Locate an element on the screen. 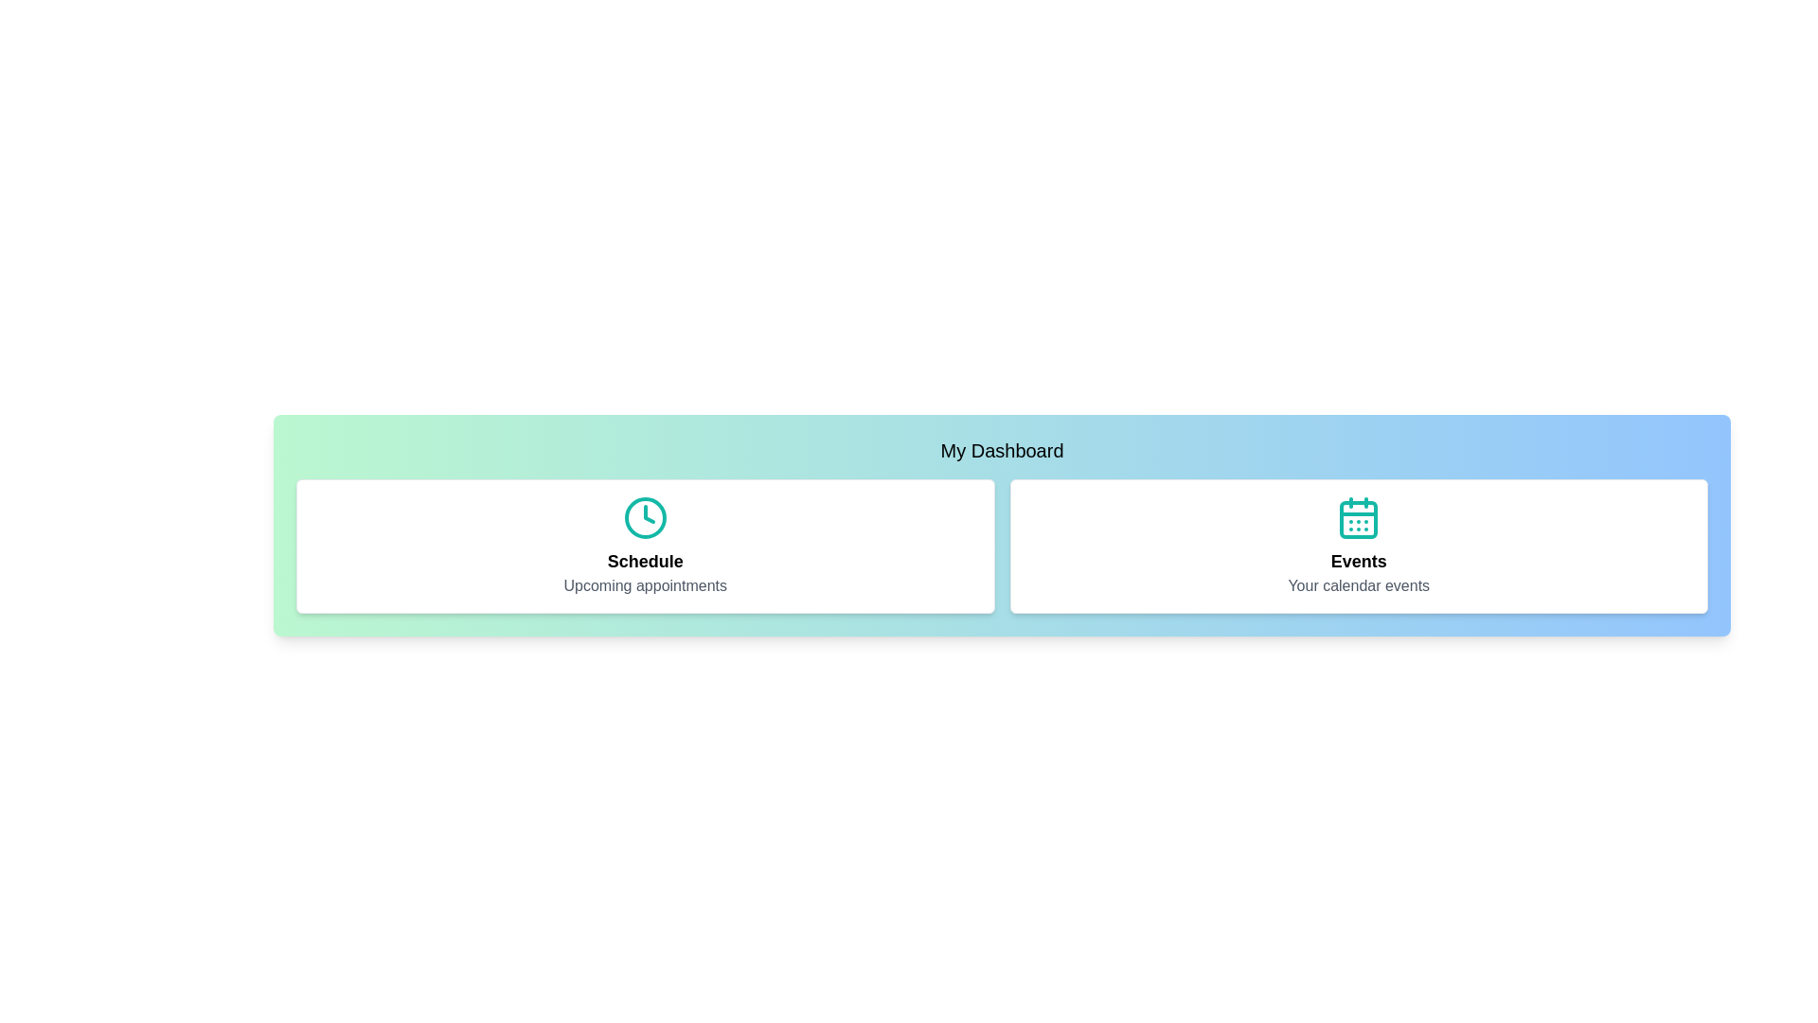 This screenshot has height=1023, width=1818. the Multi-content card representing scheduled appointments is located at coordinates (645, 547).